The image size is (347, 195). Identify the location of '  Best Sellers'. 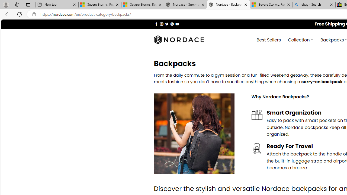
(269, 39).